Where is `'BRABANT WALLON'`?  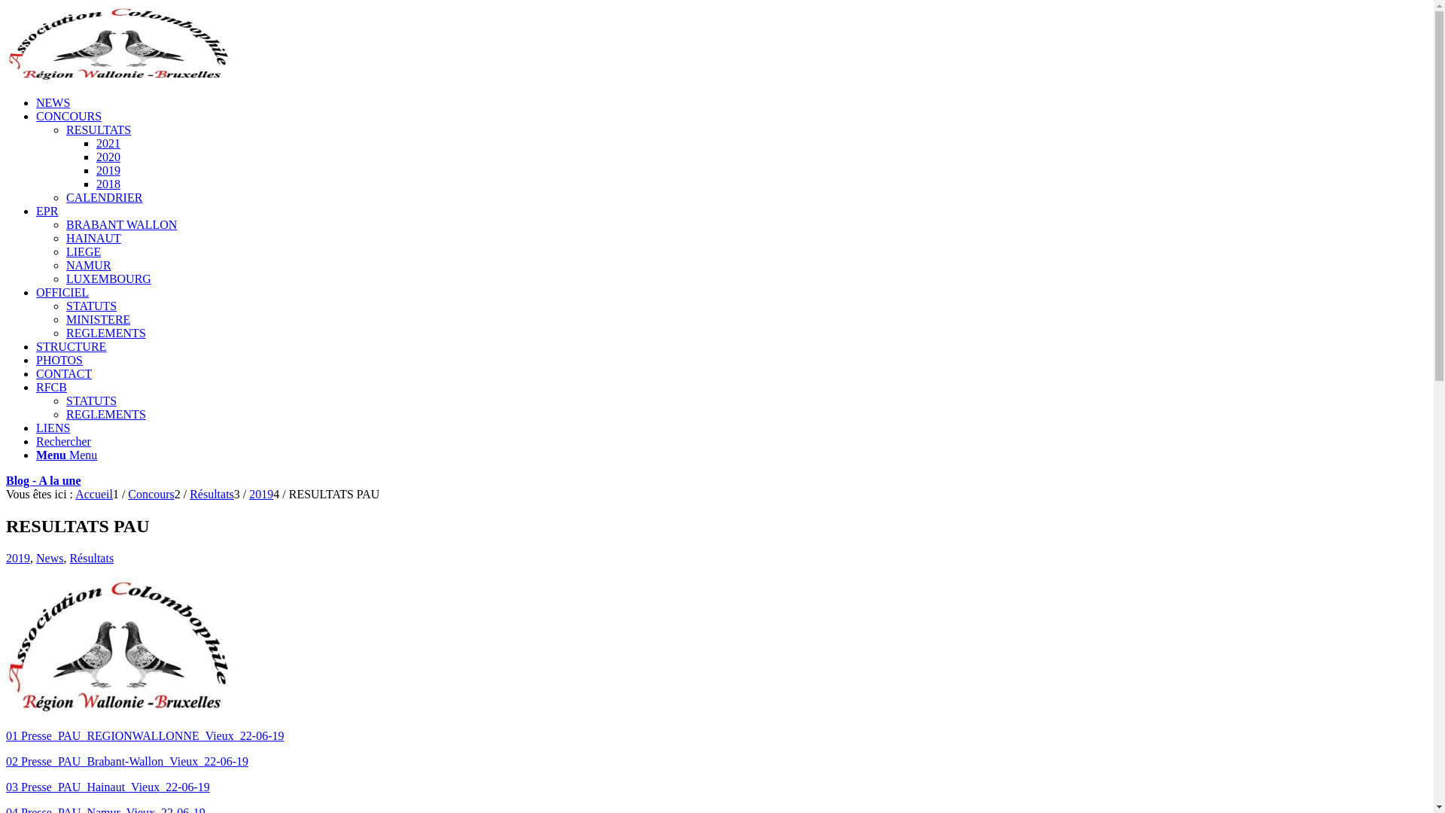 'BRABANT WALLON' is located at coordinates (65, 224).